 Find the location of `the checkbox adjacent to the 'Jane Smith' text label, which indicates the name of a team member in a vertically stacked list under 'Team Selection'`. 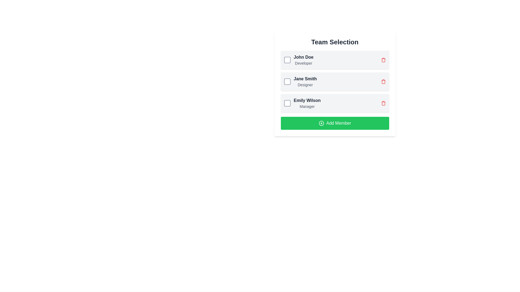

the checkbox adjacent to the 'Jane Smith' text label, which indicates the name of a team member in a vertically stacked list under 'Team Selection' is located at coordinates (305, 81).